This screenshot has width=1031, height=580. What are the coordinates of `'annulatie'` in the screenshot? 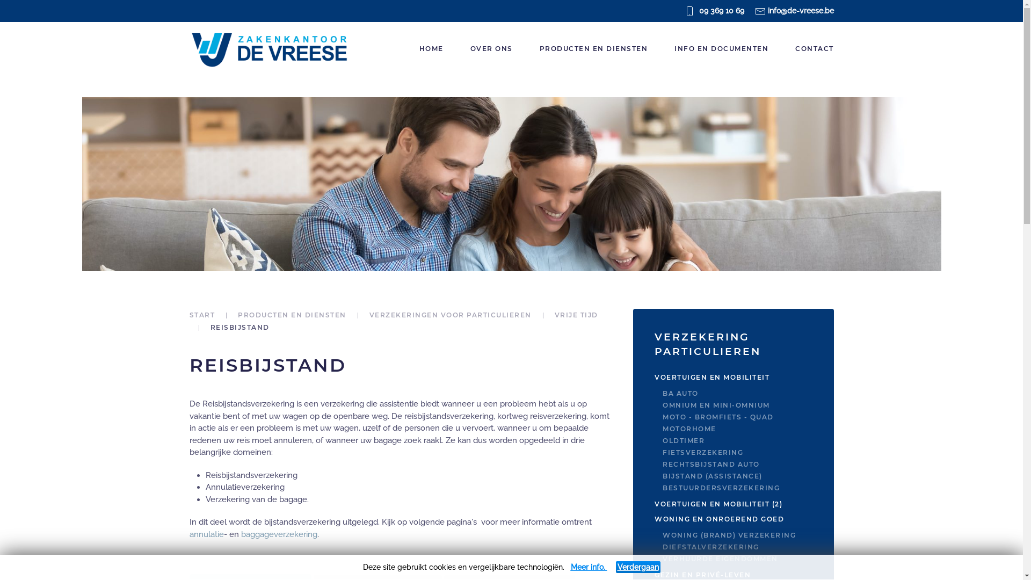 It's located at (206, 534).